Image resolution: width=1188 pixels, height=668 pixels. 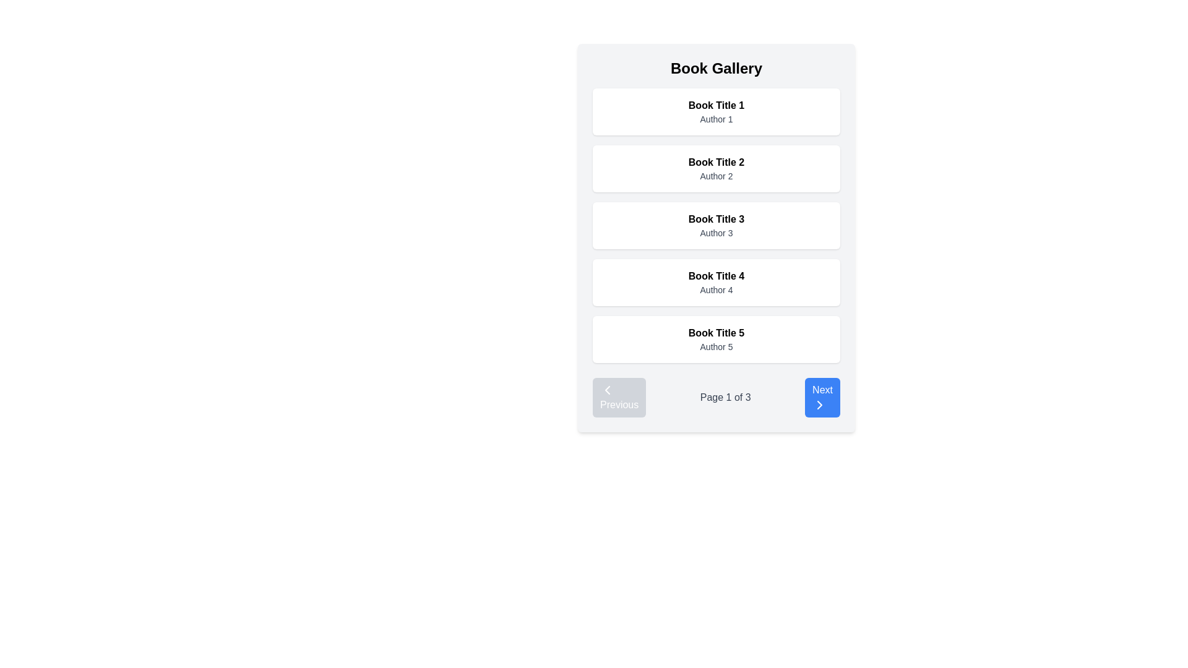 What do you see at coordinates (716, 290) in the screenshot?
I see `the 'Author 4' text label, which is displayed in a gray font and is located below the 'Book Title 4' within the fourth card of the book list` at bounding box center [716, 290].